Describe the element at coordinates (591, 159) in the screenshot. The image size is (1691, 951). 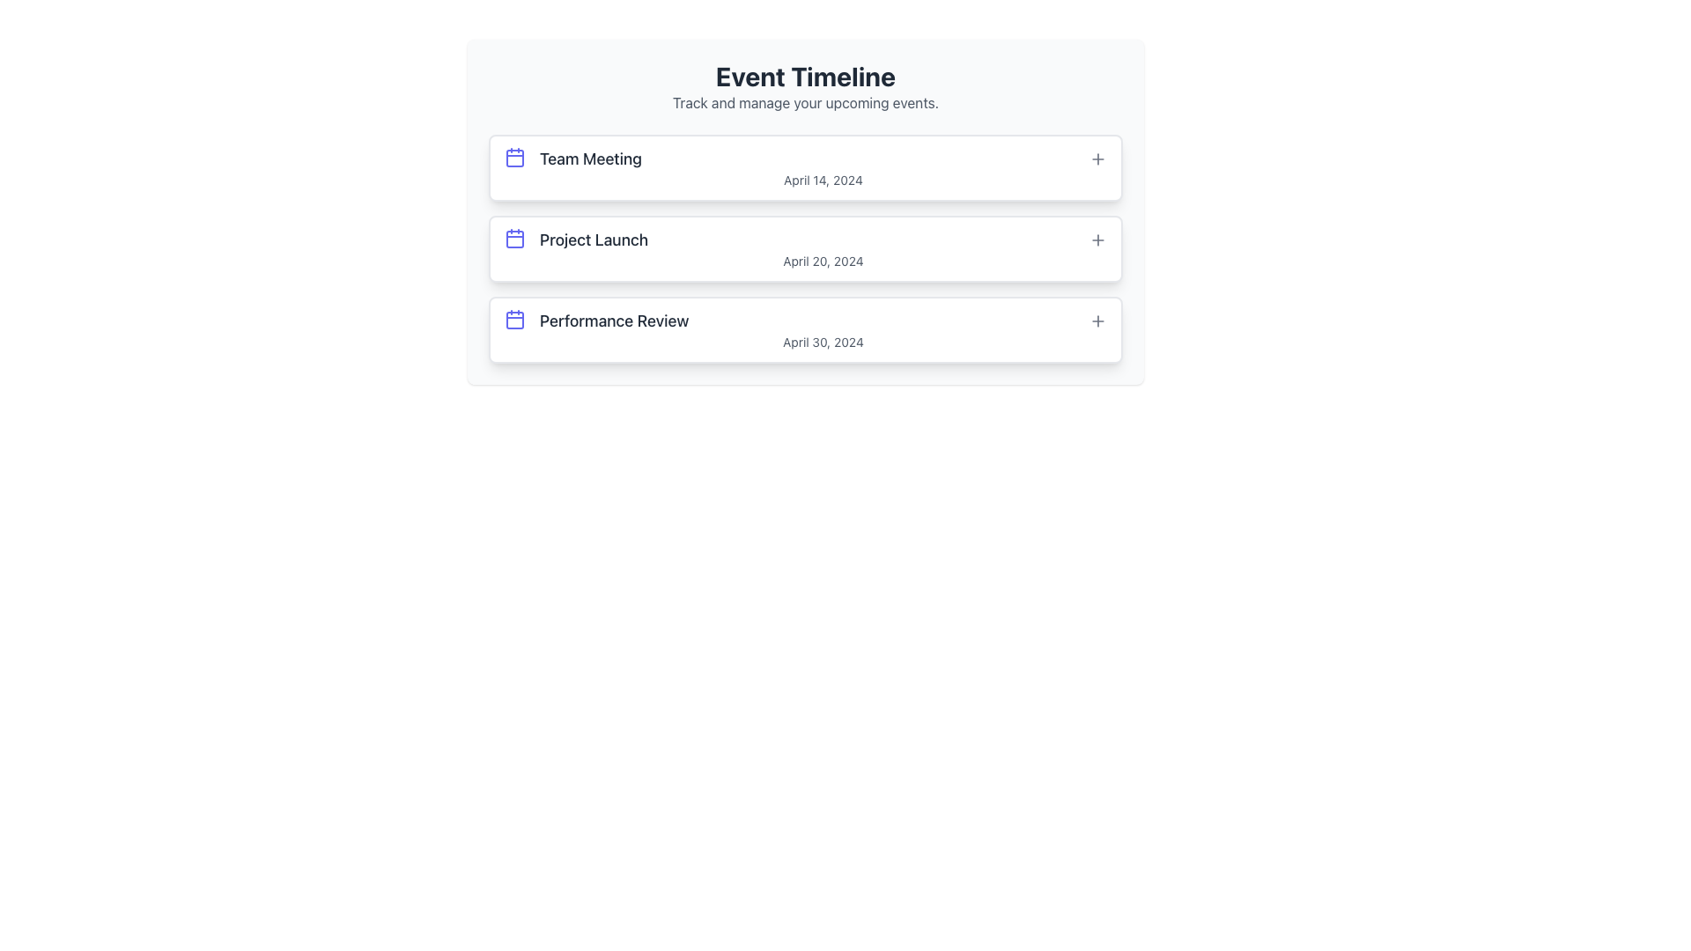
I see `the text label representing the title of an event in the timeline, which is located in the top-left section of the first entry in the 'Event Timeline' list, to interact with it` at that location.